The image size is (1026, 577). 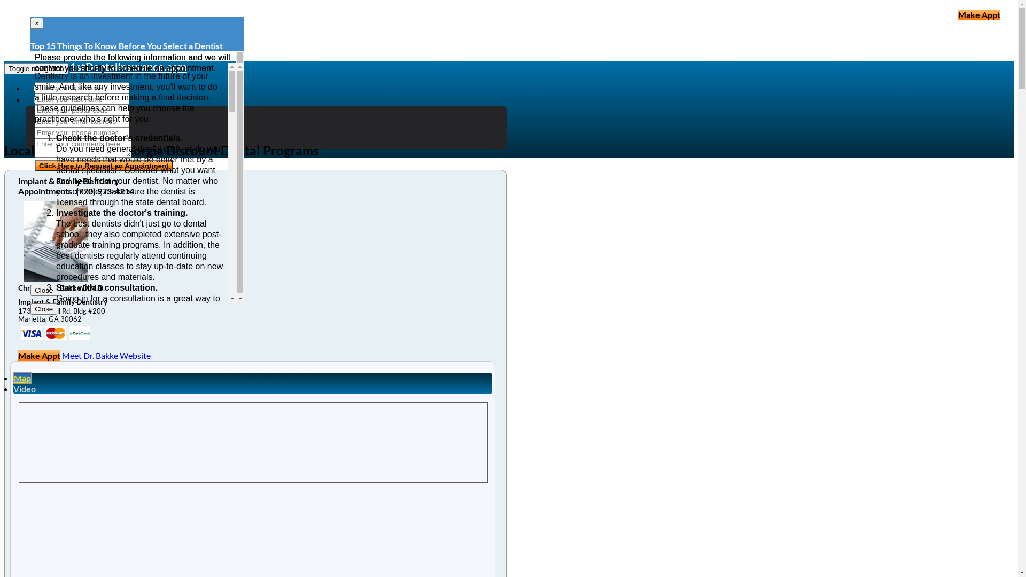 I want to click on '1stDentalInsurance.com', so click(x=128, y=66).